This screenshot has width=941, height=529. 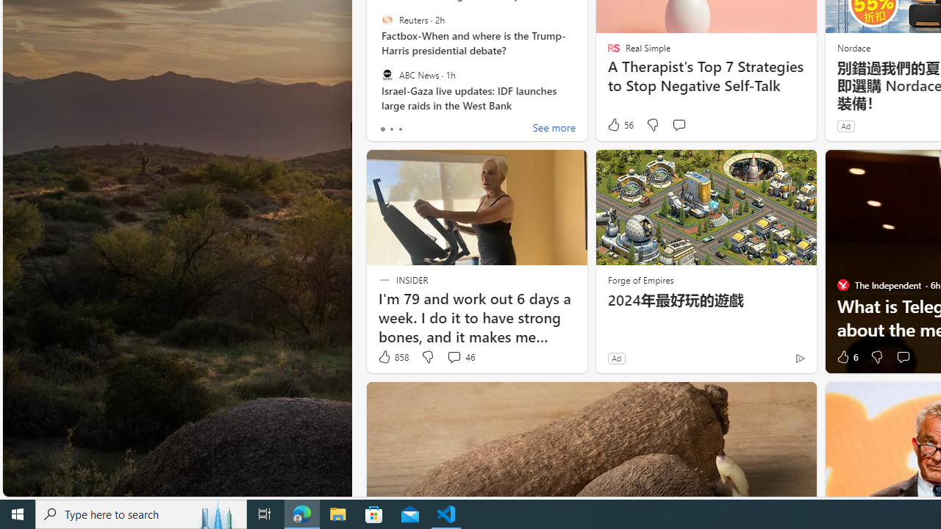 What do you see at coordinates (391, 129) in the screenshot?
I see `'tab-1'` at bounding box center [391, 129].